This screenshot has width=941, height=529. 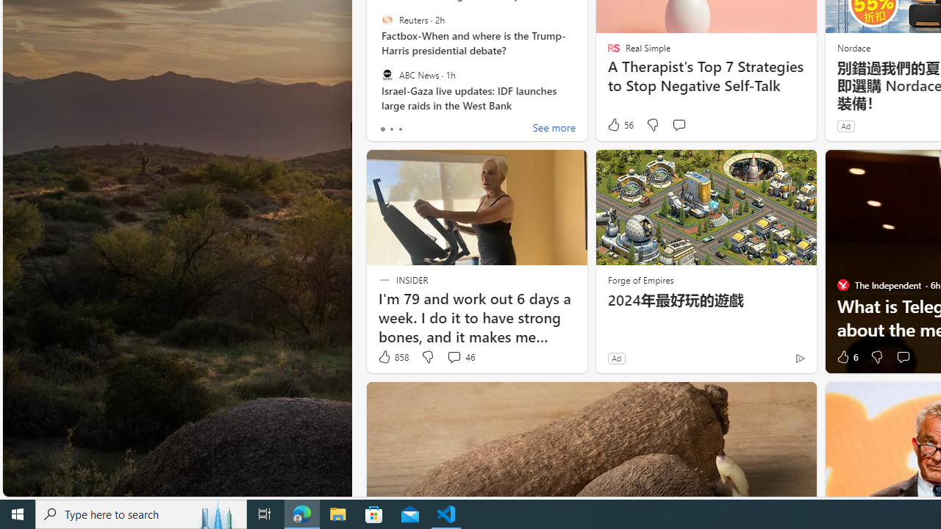 What do you see at coordinates (391, 129) in the screenshot?
I see `'tab-1'` at bounding box center [391, 129].